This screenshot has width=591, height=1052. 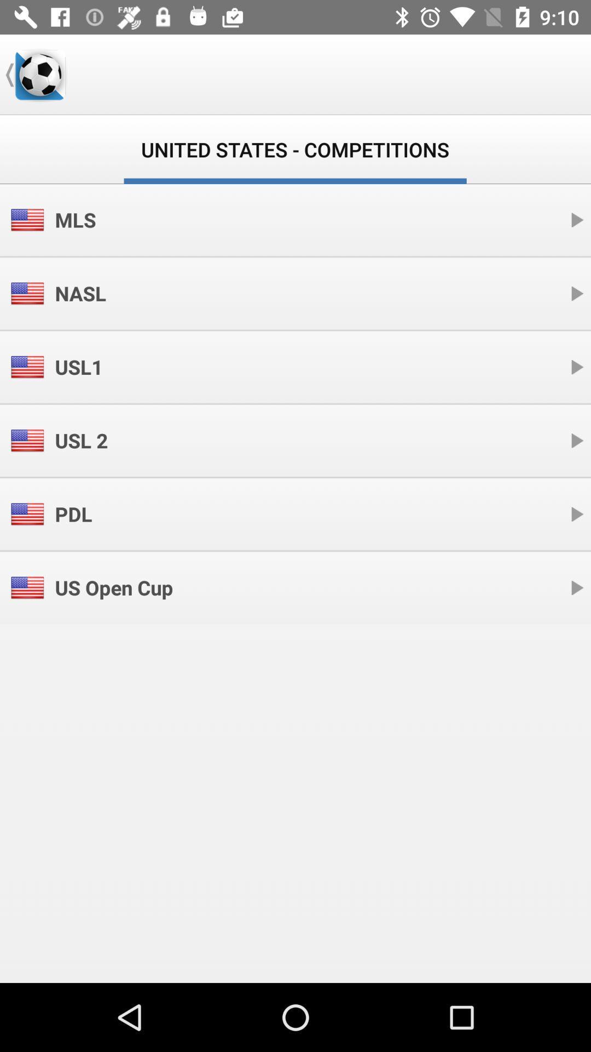 I want to click on the icon below the pdl item, so click(x=114, y=587).